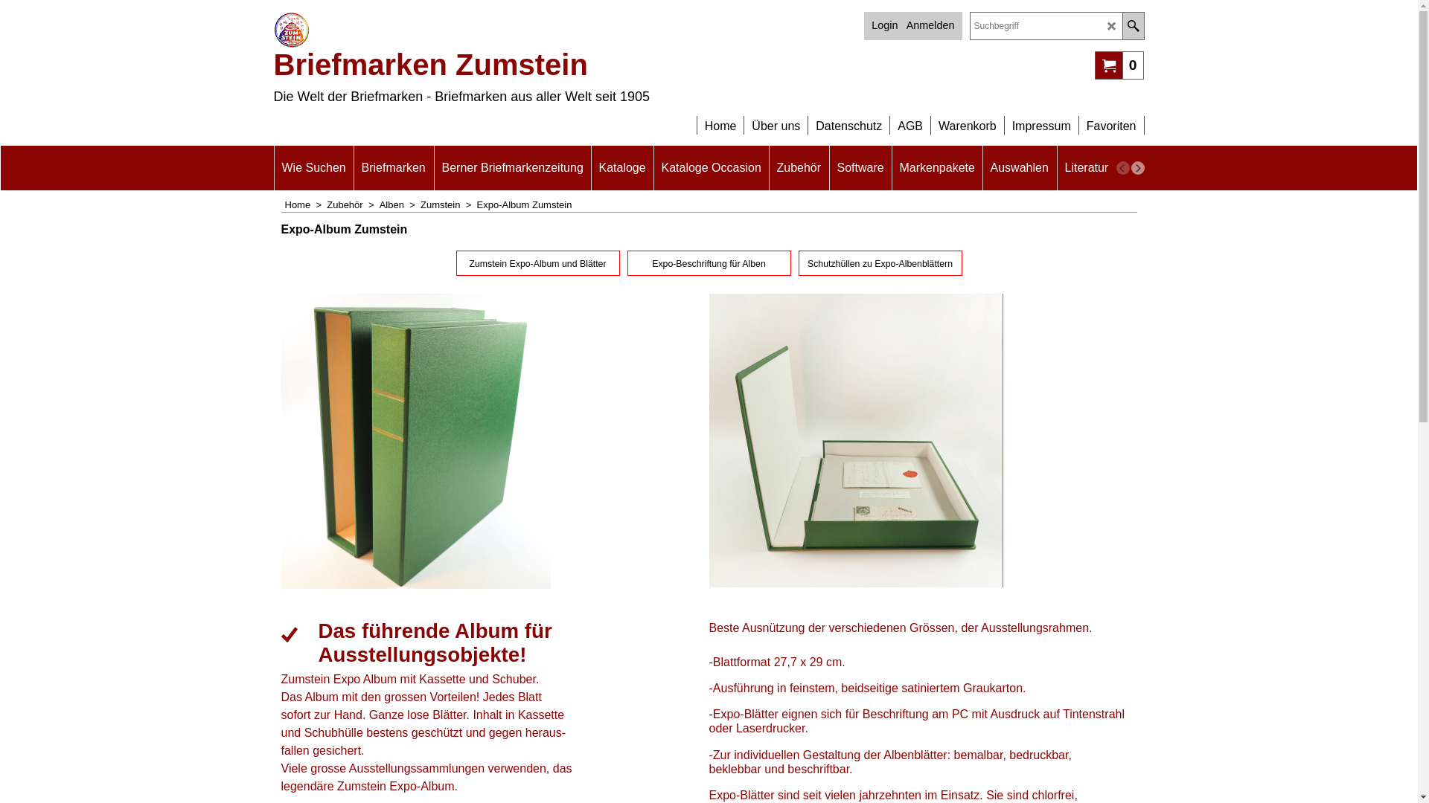 The width and height of the screenshot is (1429, 803). I want to click on 'Anmelden', so click(930, 25).